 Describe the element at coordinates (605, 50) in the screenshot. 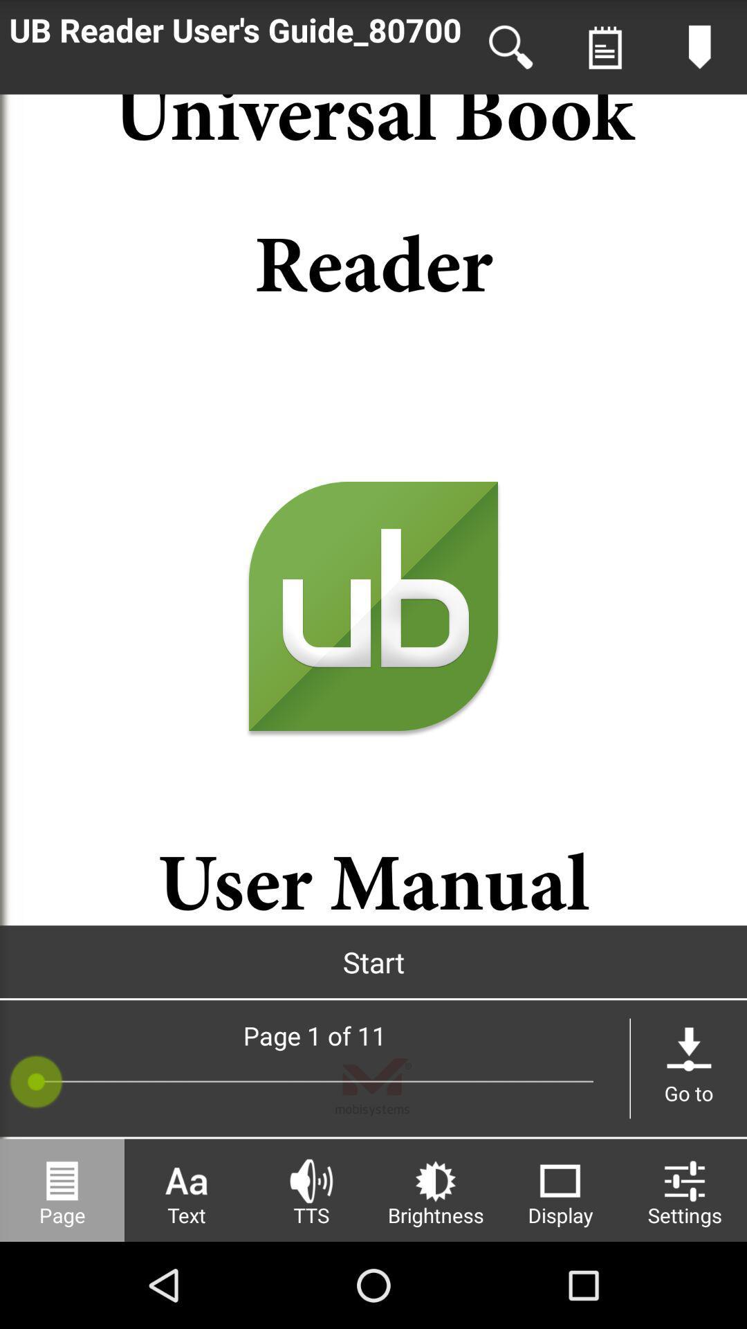

I see `the description icon` at that location.